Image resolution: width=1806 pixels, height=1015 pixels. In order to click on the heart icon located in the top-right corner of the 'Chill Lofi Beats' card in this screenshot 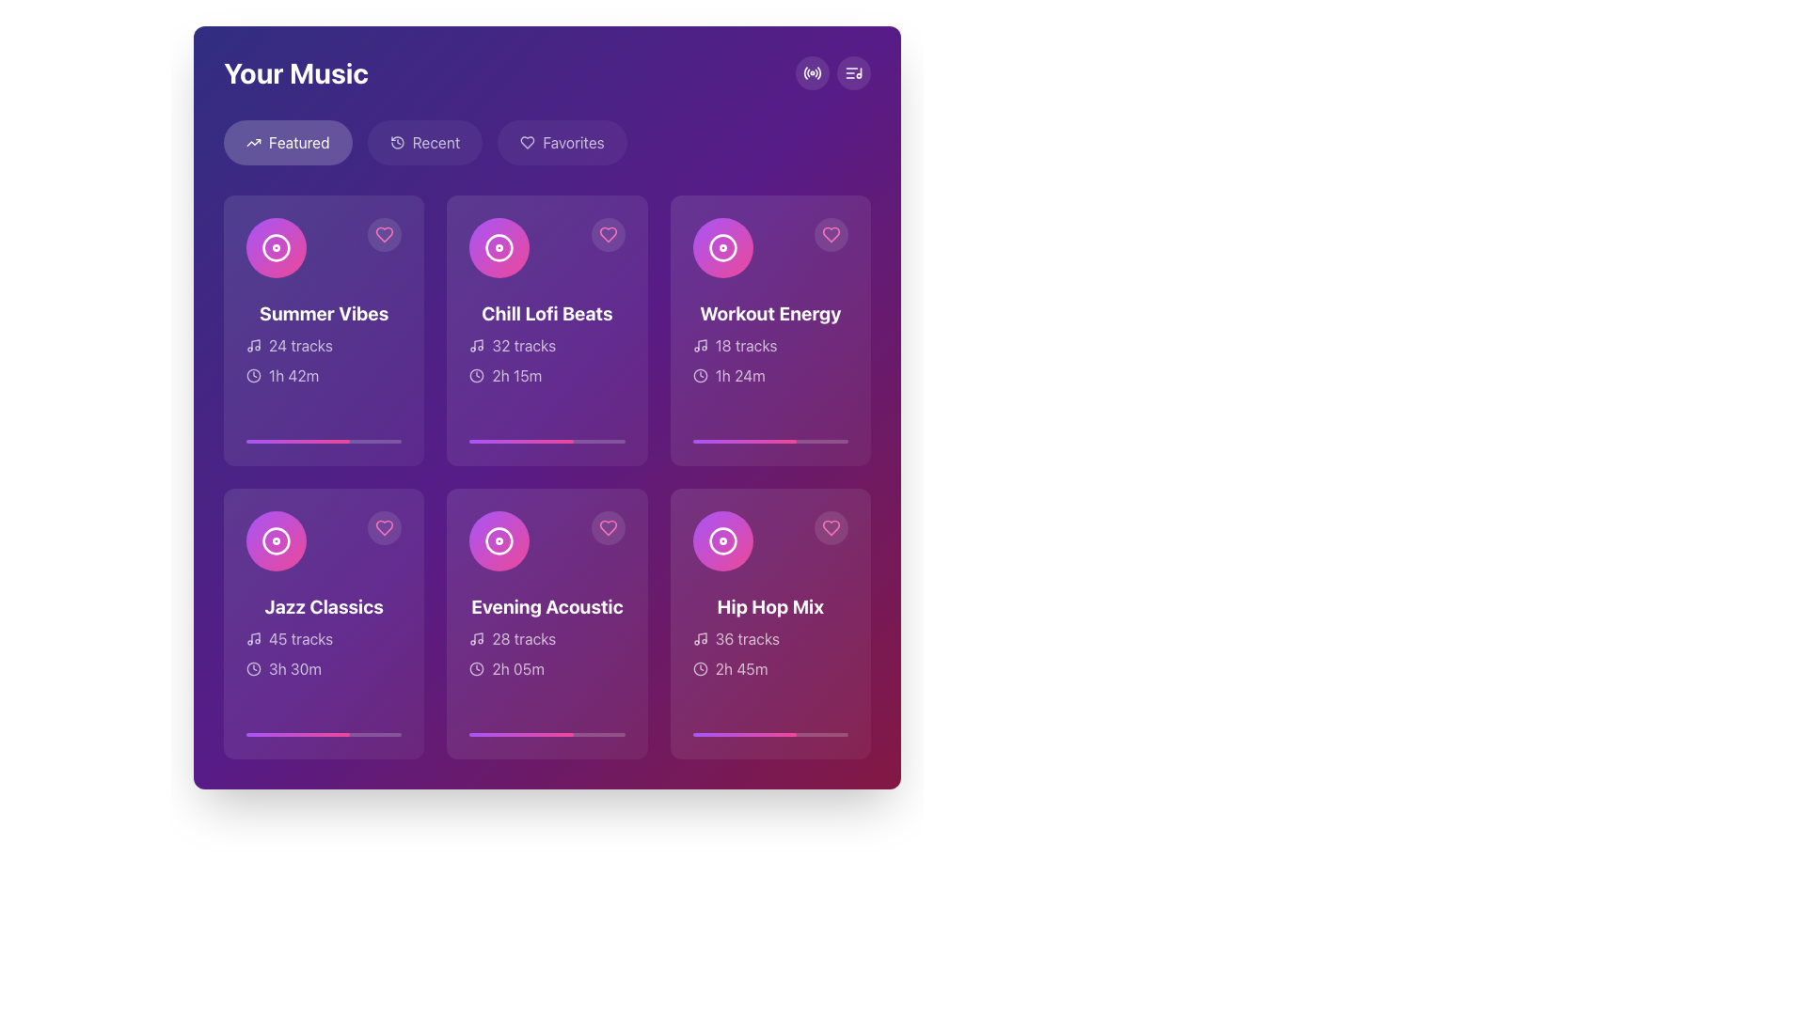, I will do `click(527, 141)`.